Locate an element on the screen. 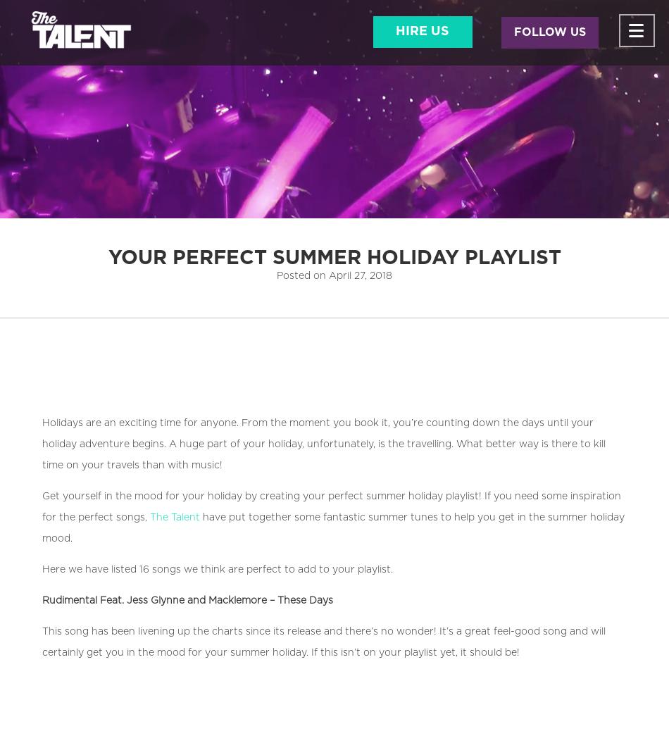 The image size is (669, 755). 'have put together some fantastic summer tunes to help you get in the summer holiday mood.' is located at coordinates (332, 528).